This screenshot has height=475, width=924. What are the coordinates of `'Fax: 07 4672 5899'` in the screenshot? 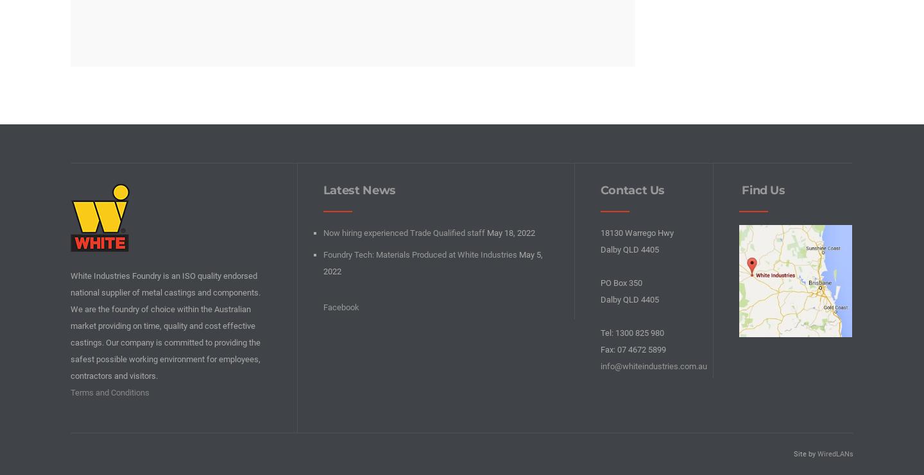 It's located at (631, 349).